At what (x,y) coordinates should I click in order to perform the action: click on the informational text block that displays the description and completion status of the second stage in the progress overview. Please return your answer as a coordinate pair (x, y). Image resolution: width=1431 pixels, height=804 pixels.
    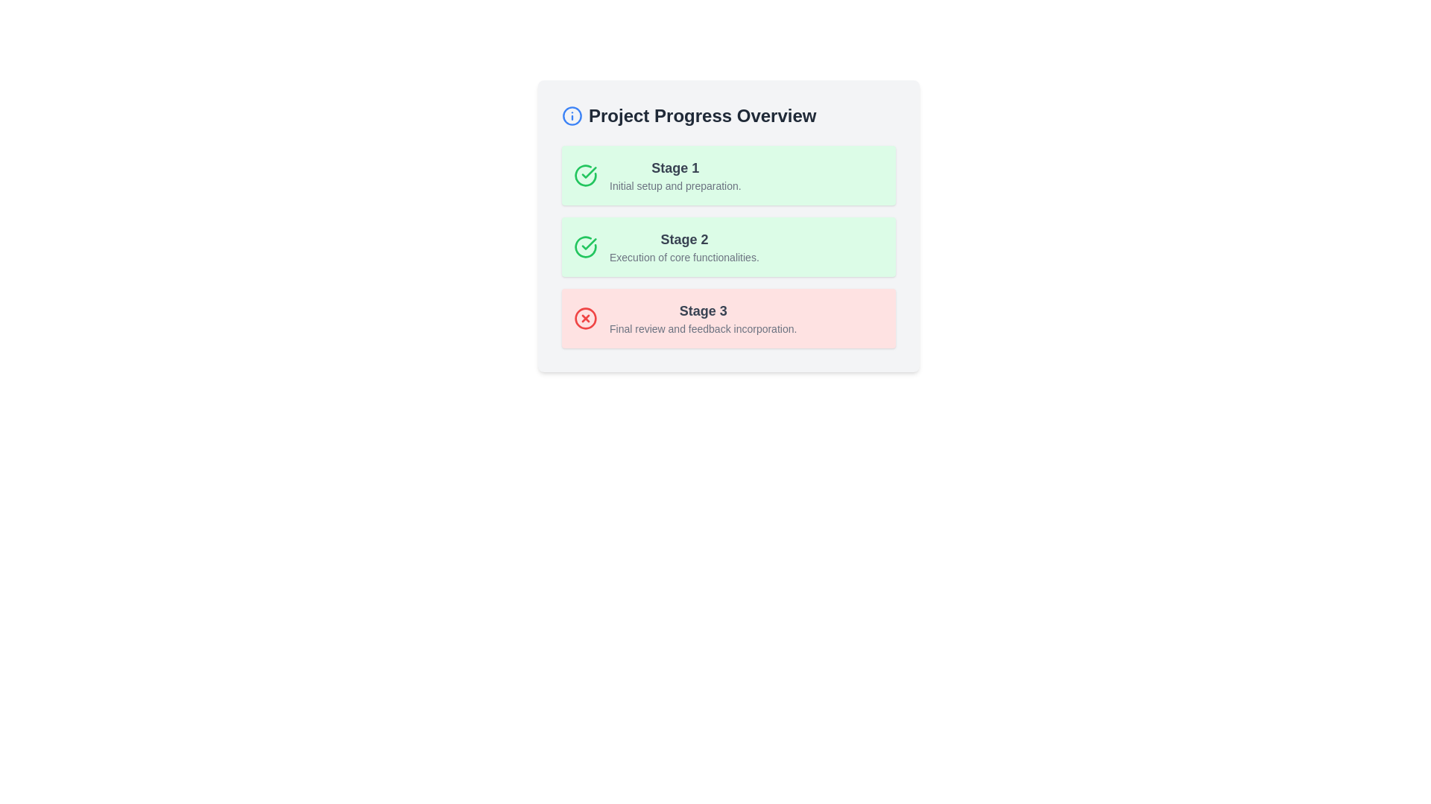
    Looking at the image, I should click on (729, 246).